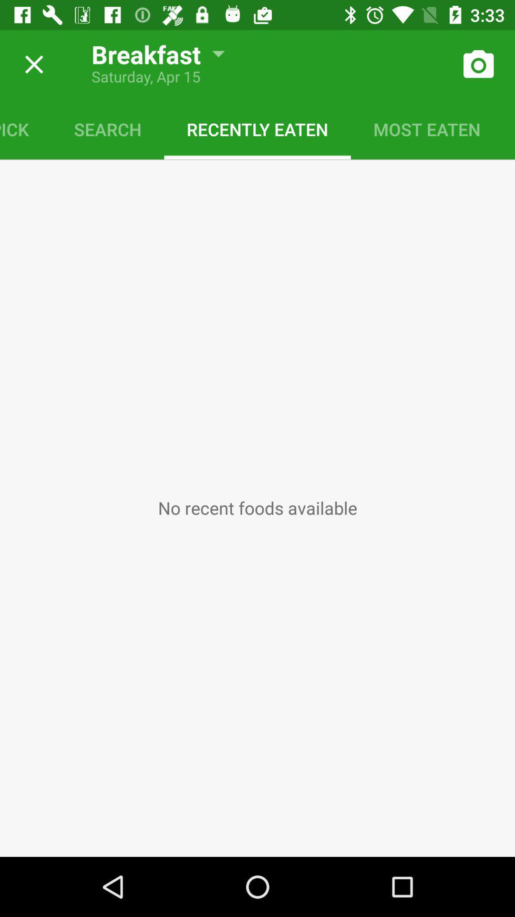 The height and width of the screenshot is (917, 515). Describe the element at coordinates (426, 128) in the screenshot. I see `most eaten` at that location.